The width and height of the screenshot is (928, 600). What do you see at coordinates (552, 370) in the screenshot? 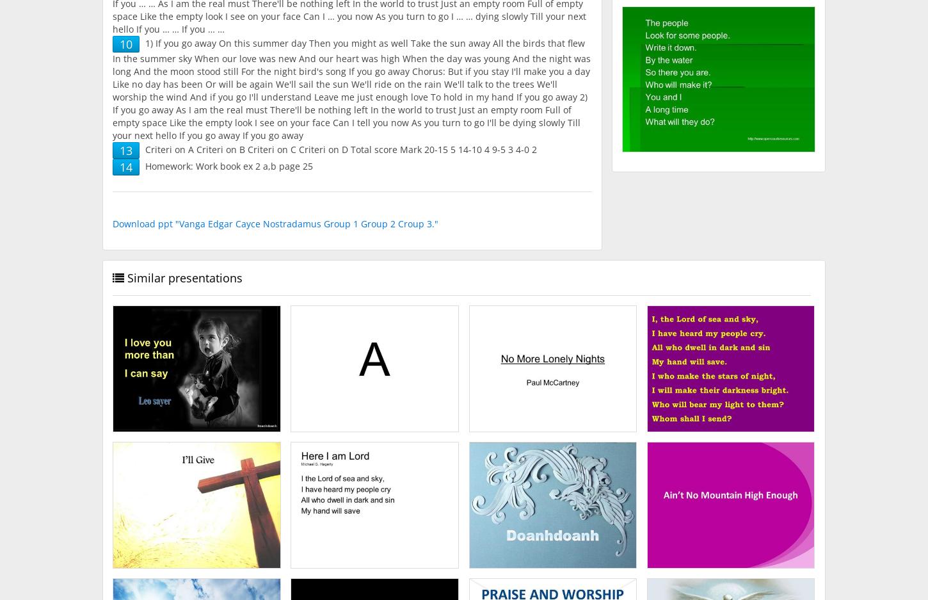
I see `'No More Lonely Nights Paul McCartney.'` at bounding box center [552, 370].